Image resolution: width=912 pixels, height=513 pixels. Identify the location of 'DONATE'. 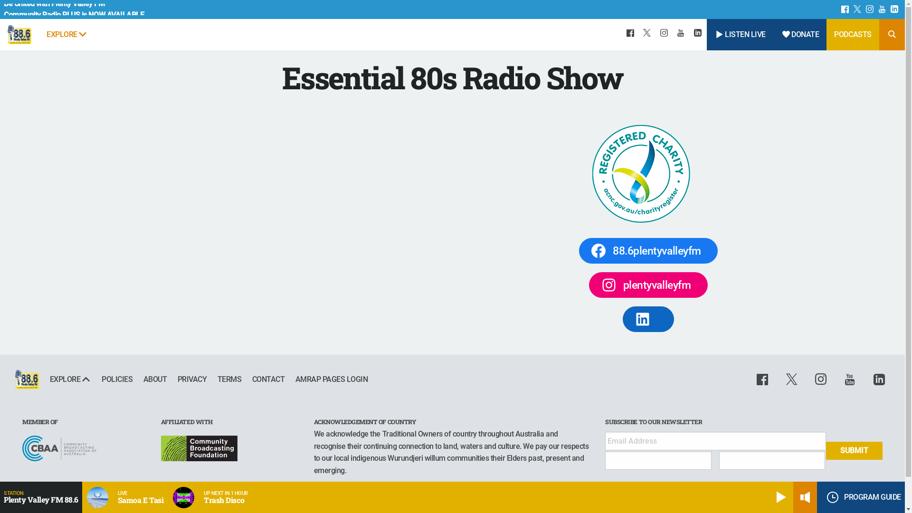
(799, 34).